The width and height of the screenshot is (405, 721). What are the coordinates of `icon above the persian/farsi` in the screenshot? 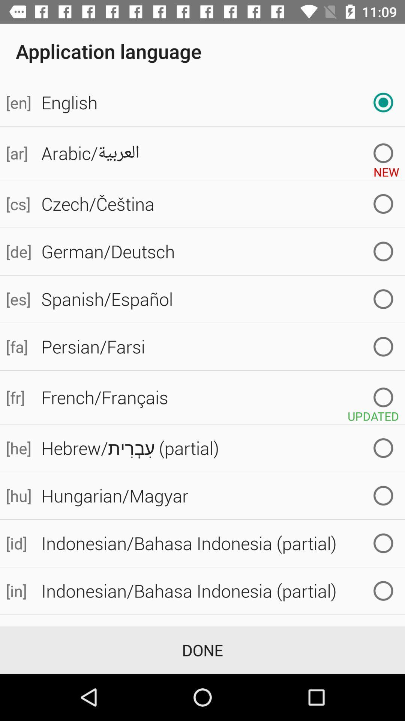 It's located at (17, 299).